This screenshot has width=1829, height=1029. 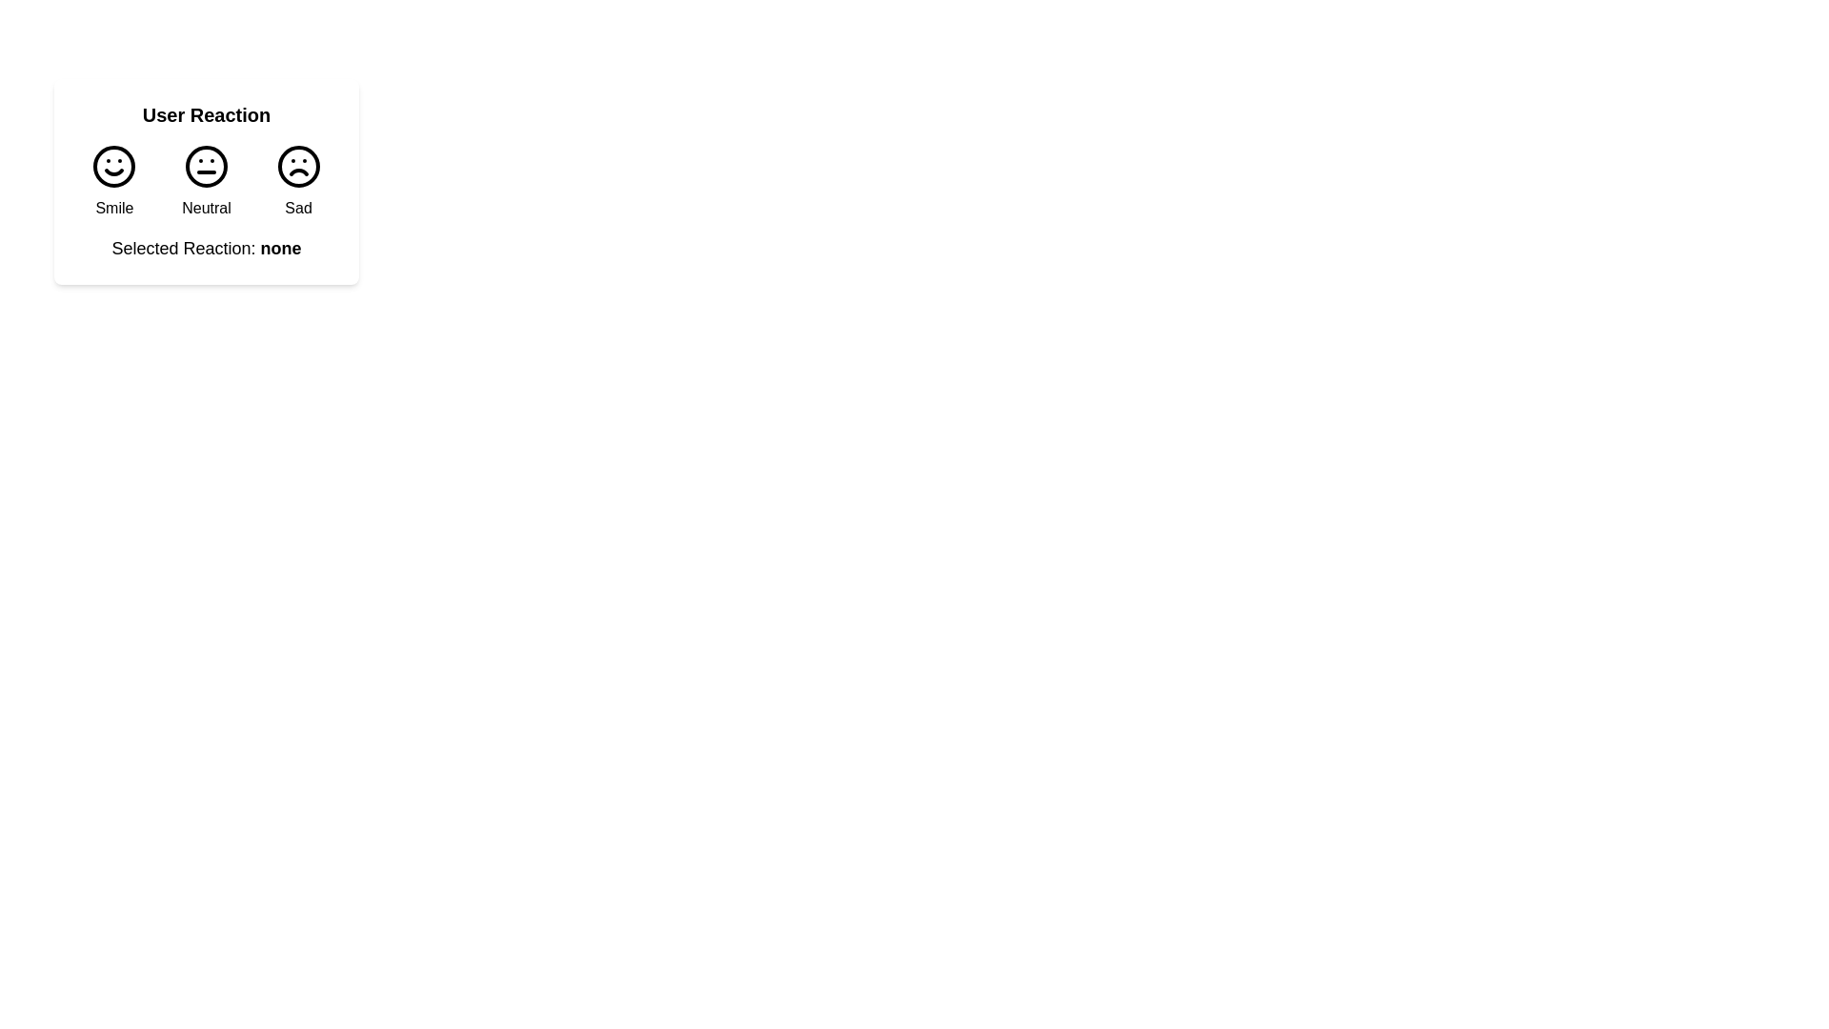 What do you see at coordinates (206, 165) in the screenshot?
I see `the neutral face icon, which is the second element in a horizontal row of reaction icons` at bounding box center [206, 165].